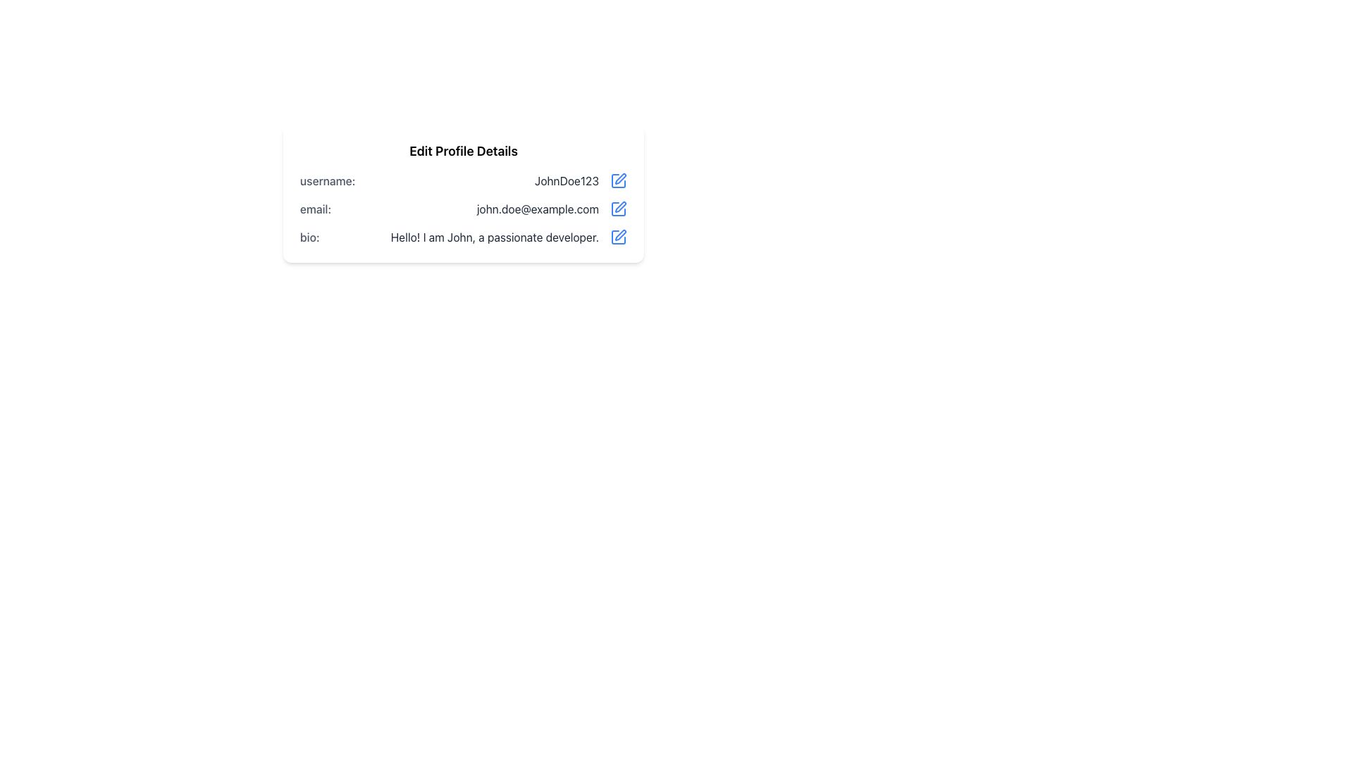 This screenshot has width=1353, height=761. I want to click on the edit icon represented by a blue-stroke SVG graphic located adjacent to the username 'JohnDoe123', so click(619, 180).